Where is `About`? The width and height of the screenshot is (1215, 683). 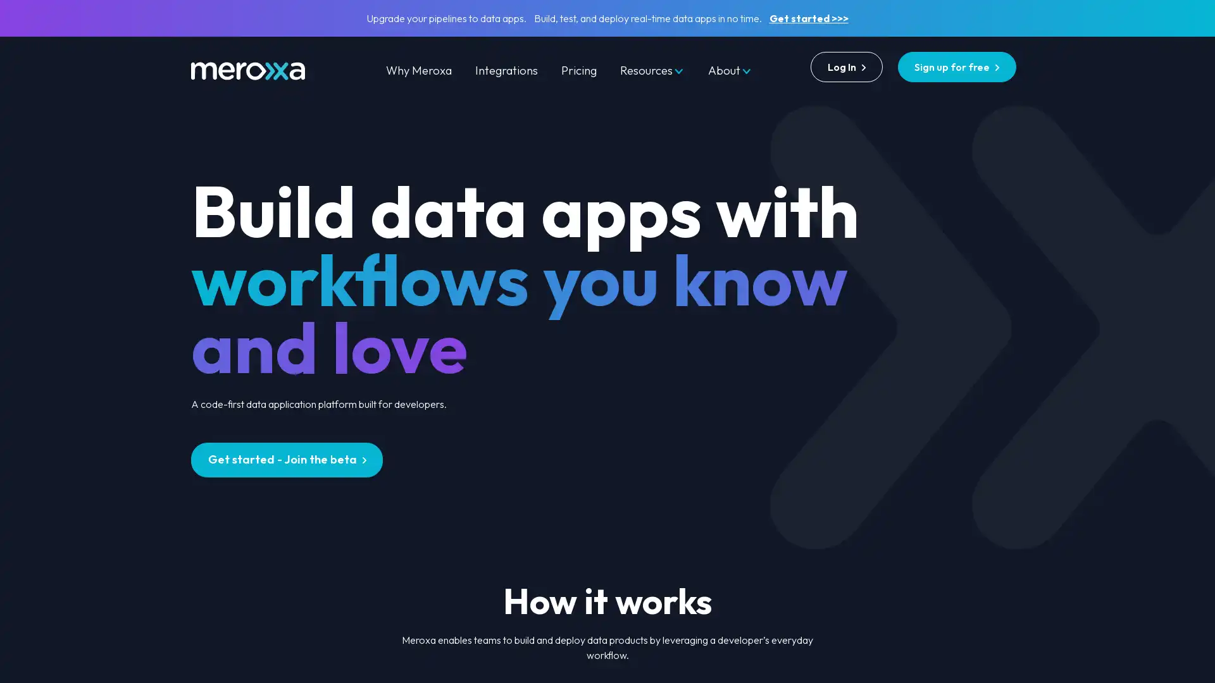 About is located at coordinates (730, 70).